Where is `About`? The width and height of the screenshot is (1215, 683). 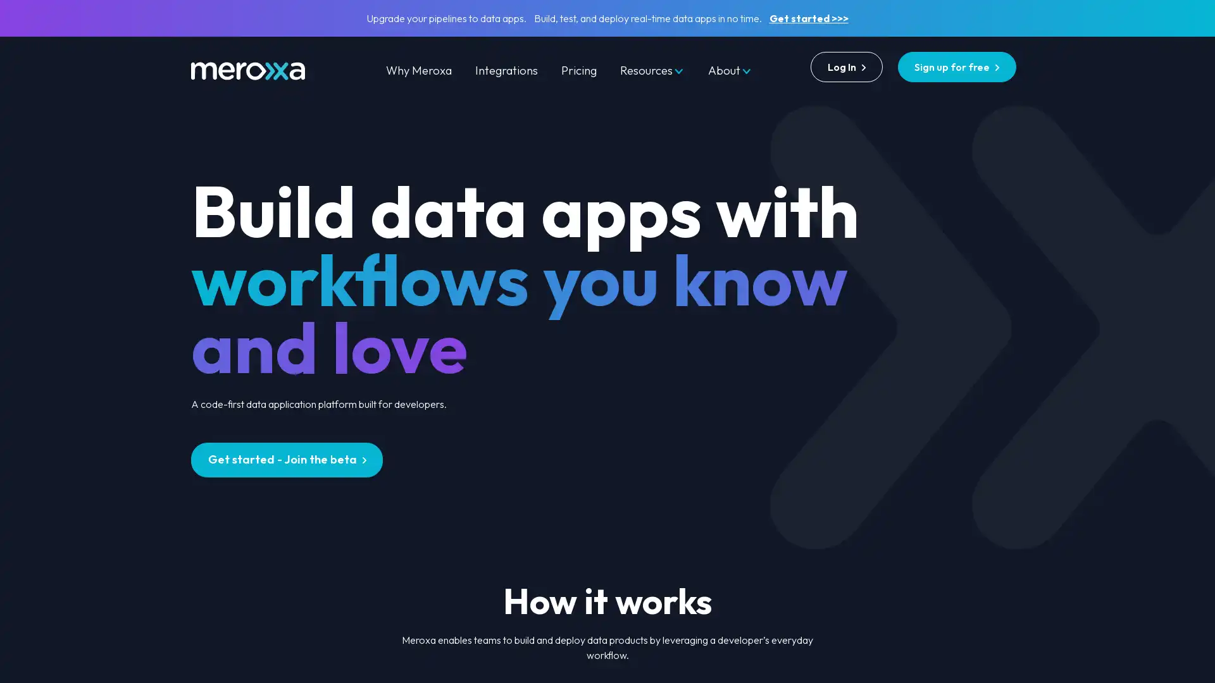 About is located at coordinates (730, 70).